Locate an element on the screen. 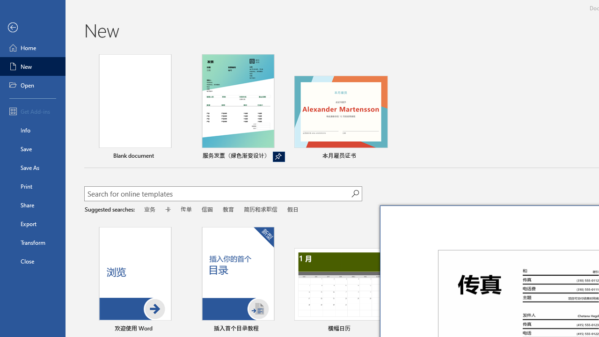  'Info' is located at coordinates (32, 130).